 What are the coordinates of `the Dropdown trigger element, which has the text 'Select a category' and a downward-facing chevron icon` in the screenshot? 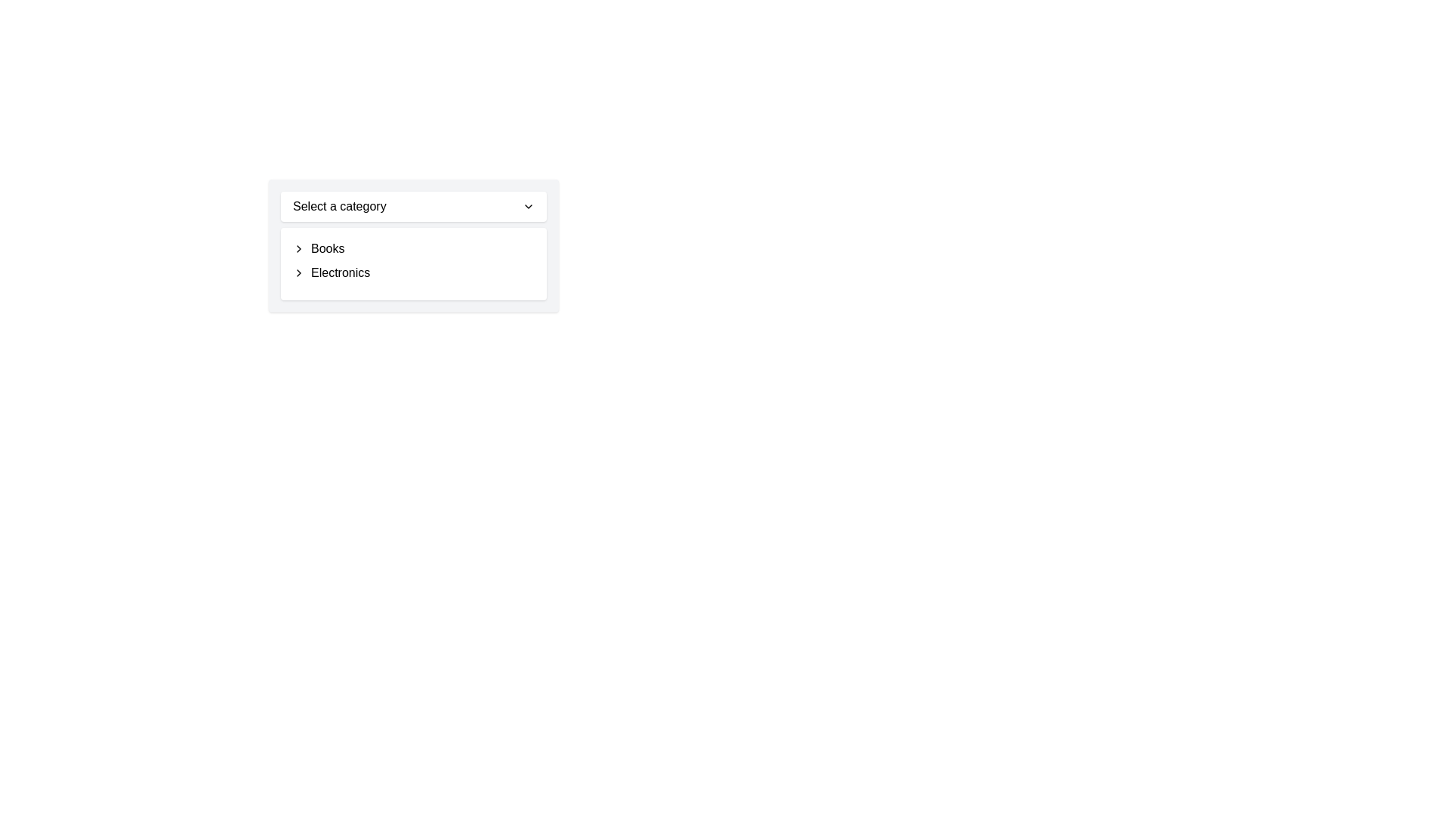 It's located at (413, 206).